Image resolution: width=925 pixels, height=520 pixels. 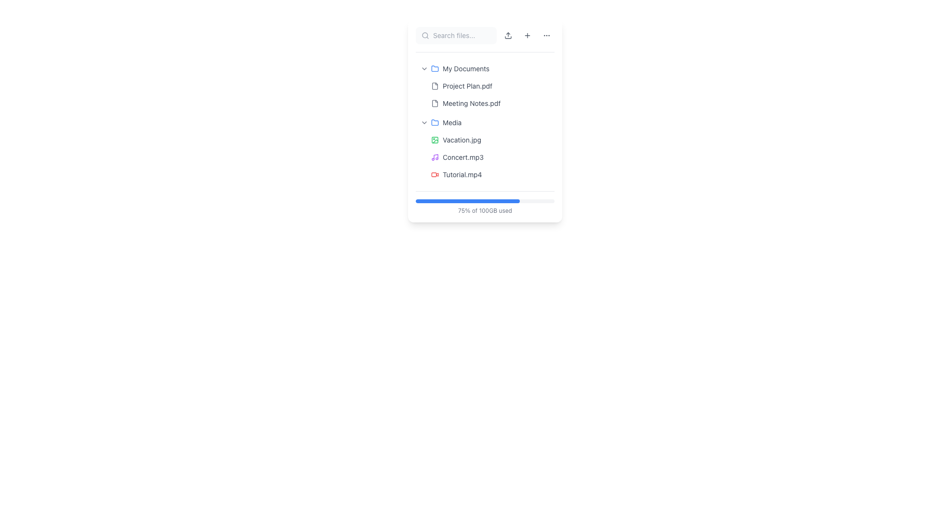 What do you see at coordinates (462, 157) in the screenshot?
I see `on the text label representing the audio file 'Concert.mp3' located under the 'Media' section, which is the second item in the list` at bounding box center [462, 157].